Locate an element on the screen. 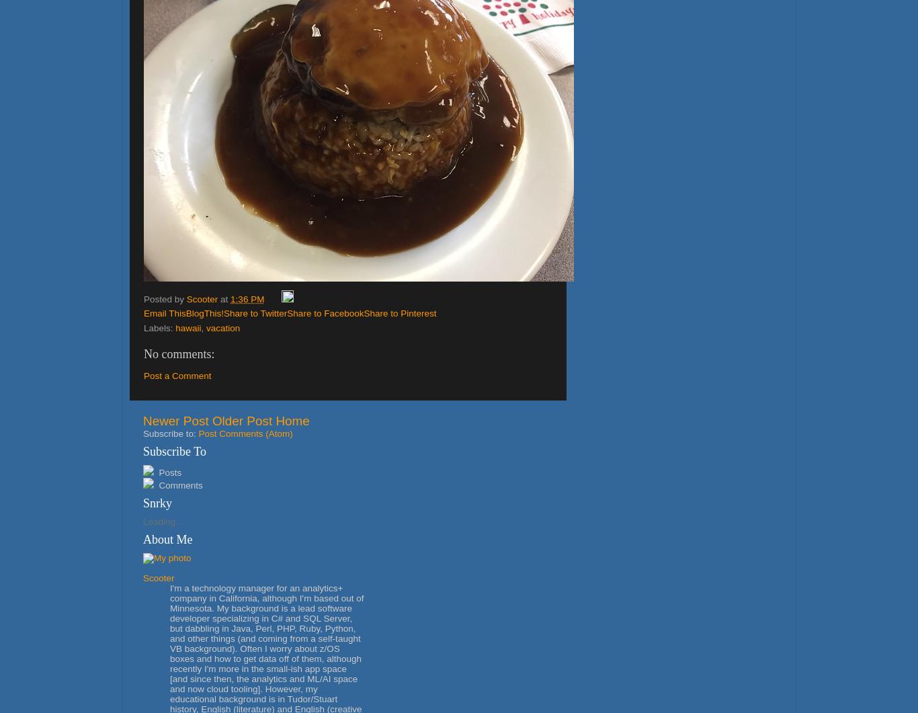 The width and height of the screenshot is (918, 713). 'No comments:' is located at coordinates (179, 353).